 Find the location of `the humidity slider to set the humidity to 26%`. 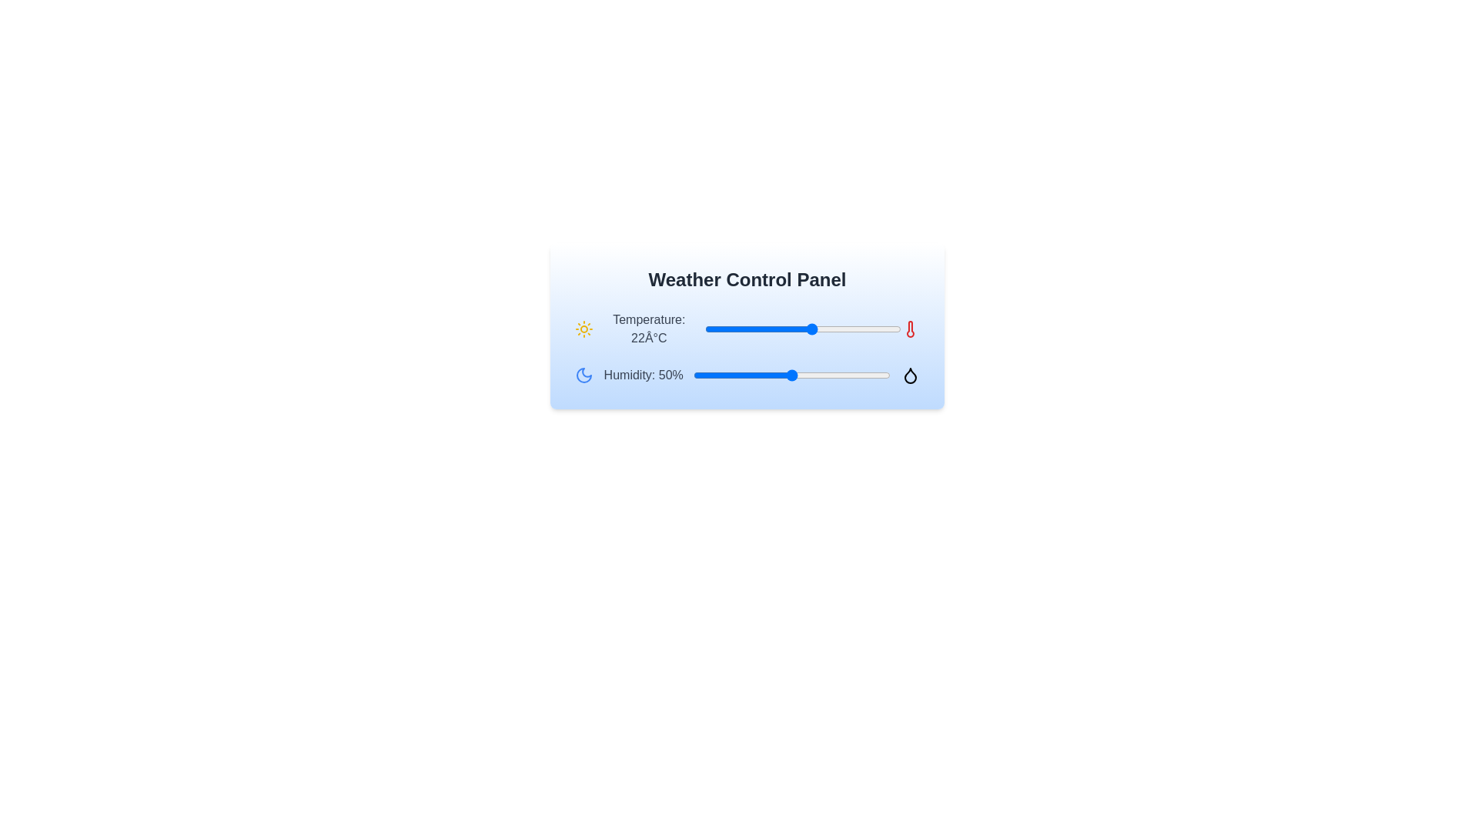

the humidity slider to set the humidity to 26% is located at coordinates (744, 375).